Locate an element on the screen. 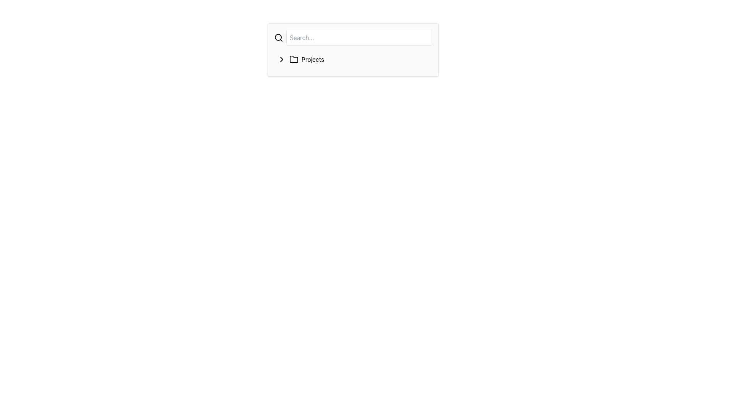 Image resolution: width=733 pixels, height=412 pixels. the chevron icon indicating expandability next to the 'Projects' label in the collapsible menu is located at coordinates (281, 59).